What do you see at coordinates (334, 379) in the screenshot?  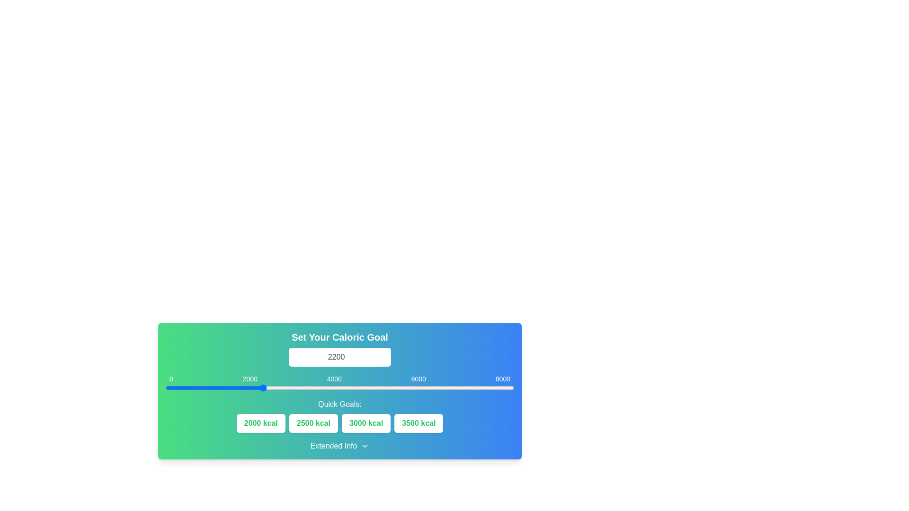 I see `the static text label displaying the value '4000', which is the third item in a sequence of horizontal labels, styled in white text within a gradient-colored panel` at bounding box center [334, 379].